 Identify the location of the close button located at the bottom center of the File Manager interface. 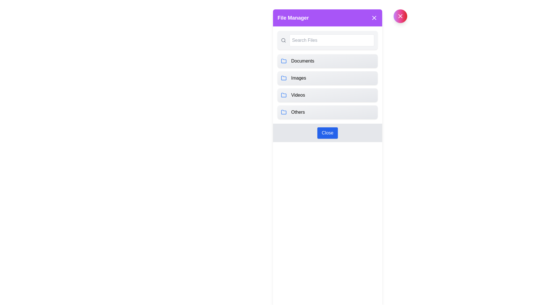
(328, 133).